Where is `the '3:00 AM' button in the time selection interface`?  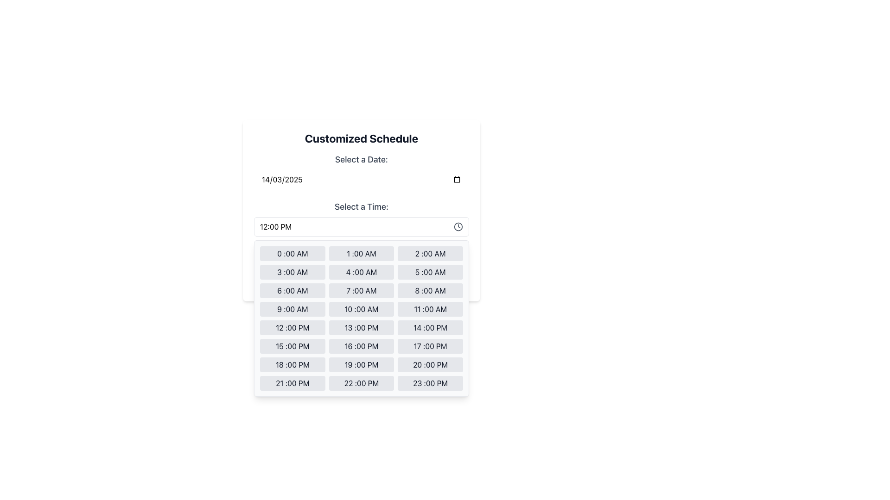 the '3:00 AM' button in the time selection interface is located at coordinates (292, 271).